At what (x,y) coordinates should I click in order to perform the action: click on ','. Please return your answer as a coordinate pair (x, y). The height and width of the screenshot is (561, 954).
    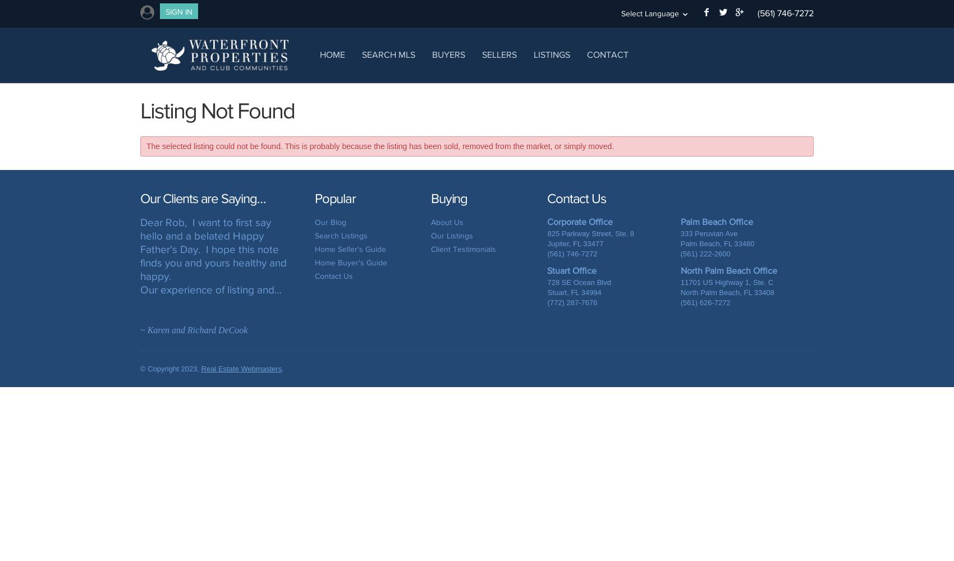
    Looking at the image, I should click on (570, 243).